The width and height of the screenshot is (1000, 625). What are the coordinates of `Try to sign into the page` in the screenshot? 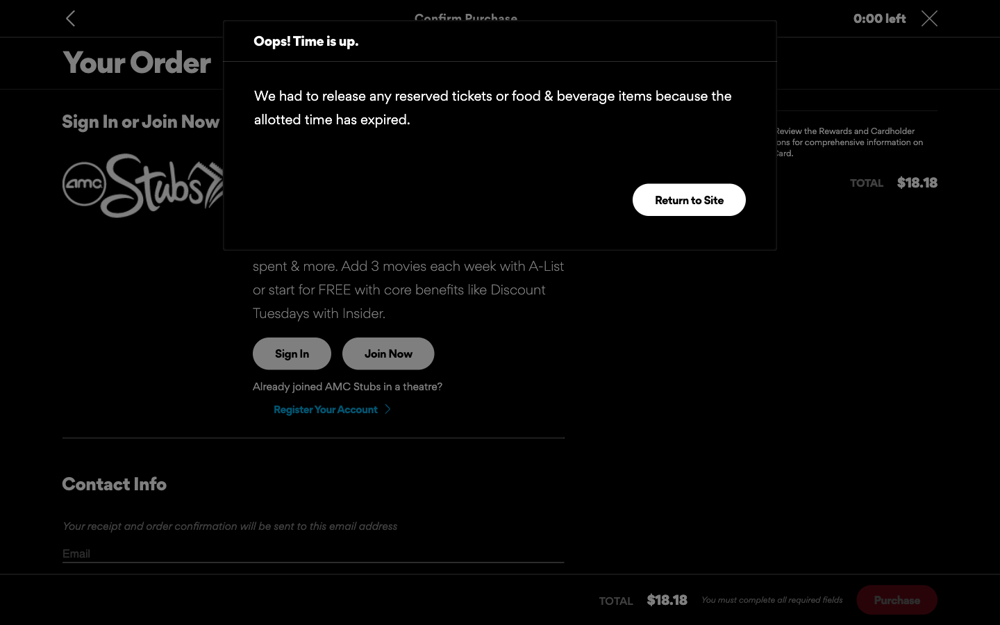 It's located at (291, 353).